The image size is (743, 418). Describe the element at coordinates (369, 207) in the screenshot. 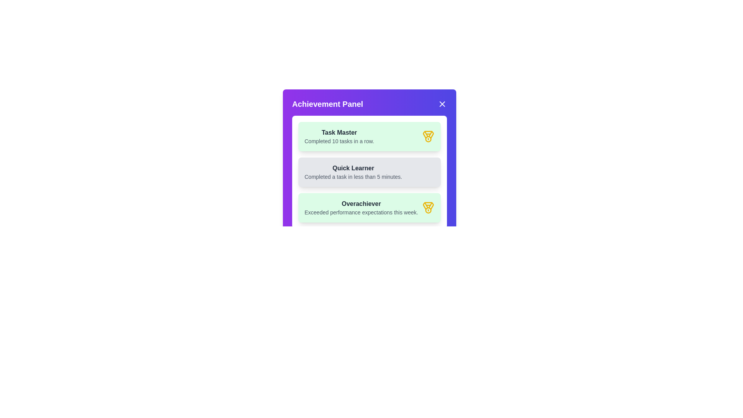

I see `the Display card that shows the achievement summary for exceeding performance expectations for the week, located at the bottom of the list of cards` at that location.